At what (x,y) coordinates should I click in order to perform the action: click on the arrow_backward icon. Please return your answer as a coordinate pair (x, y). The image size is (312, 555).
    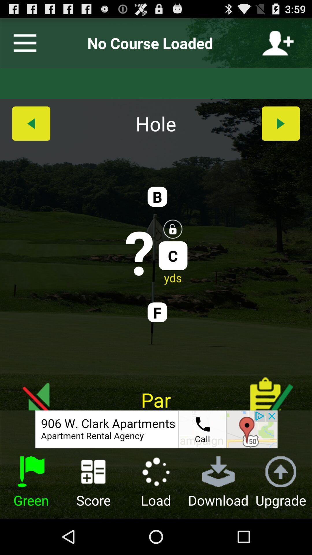
    Looking at the image, I should click on (40, 417).